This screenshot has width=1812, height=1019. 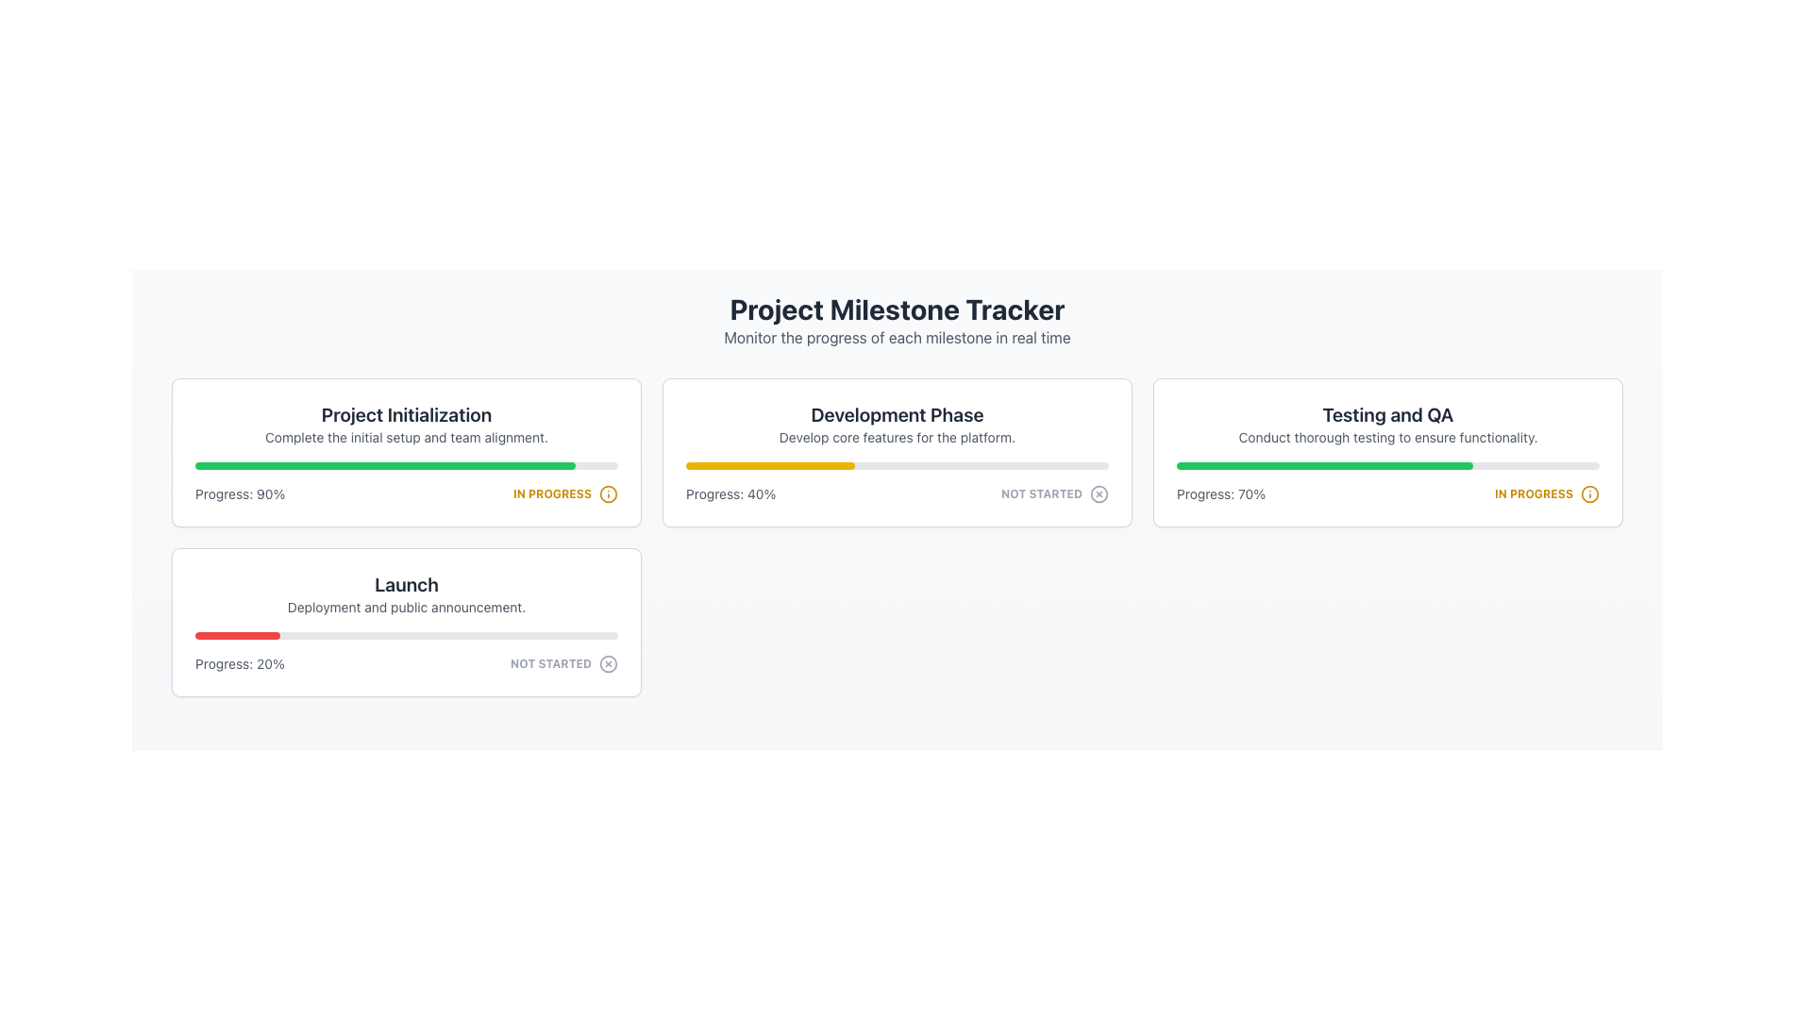 What do you see at coordinates (1534, 493) in the screenshot?
I see `the 'IN PROGRESS' label, which is styled in yellow-gold color and bold uppercase font, located in the top-right corner of the 'Testing and QA' milestone card, adjacent to the progress bar` at bounding box center [1534, 493].